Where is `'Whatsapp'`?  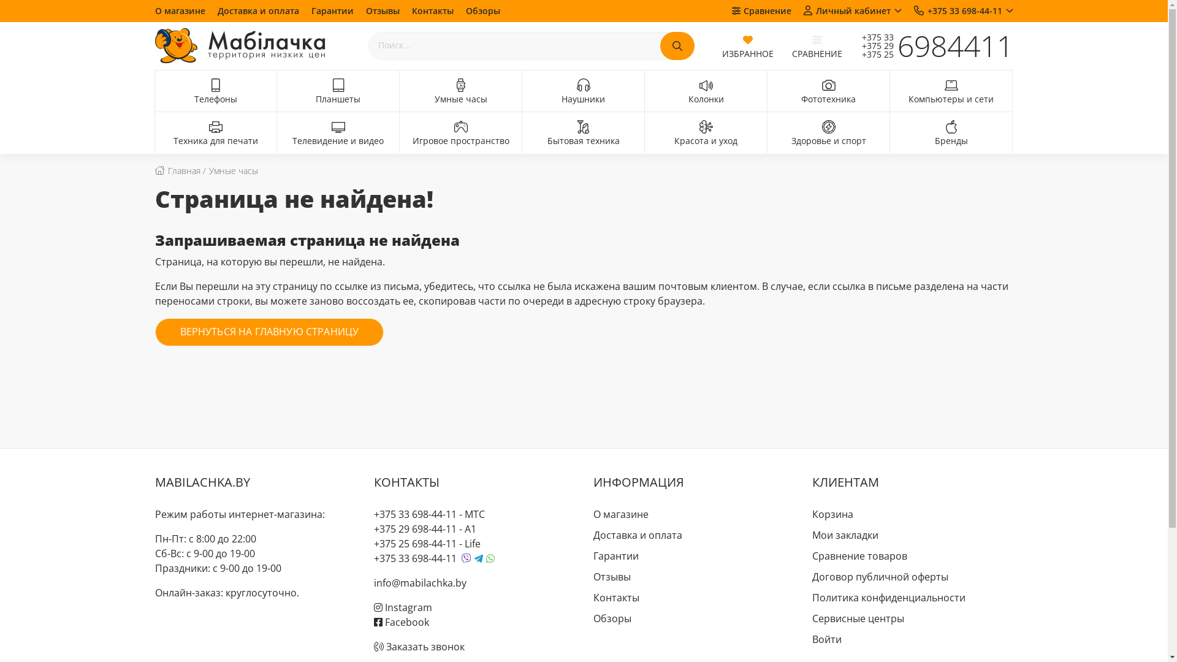 'Whatsapp' is located at coordinates (490, 558).